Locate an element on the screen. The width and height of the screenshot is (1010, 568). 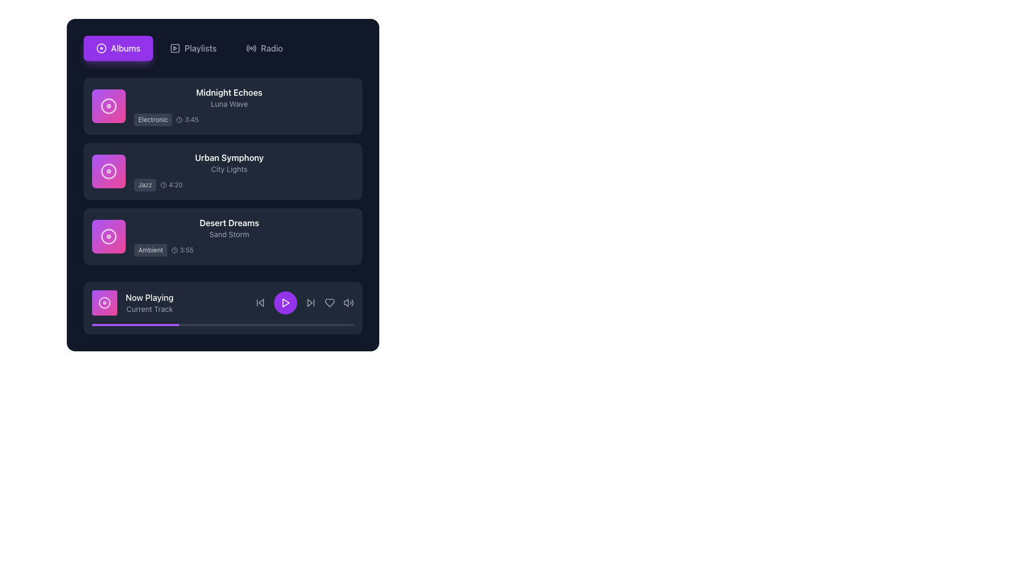
the heart-shaped gray icon button located in the horizontal control bar at the bottom of the interface to like or favorite an item is located at coordinates (329, 302).